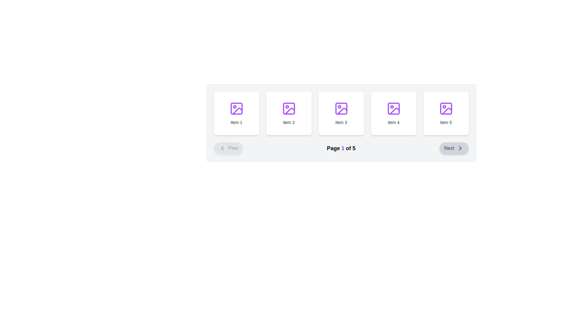 Image resolution: width=578 pixels, height=325 pixels. What do you see at coordinates (222, 148) in the screenshot?
I see `the chevron graphic associated with the 'Prev' button` at bounding box center [222, 148].